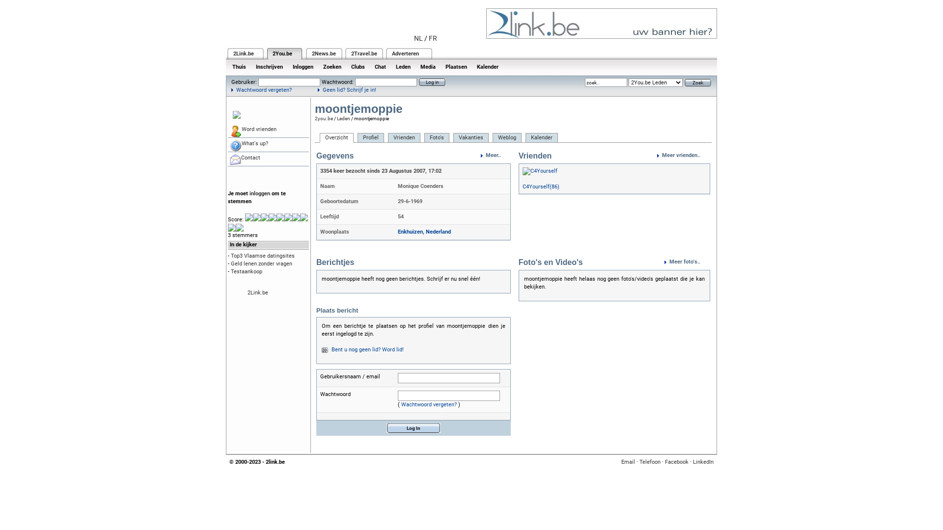 This screenshot has height=530, width=943. Describe the element at coordinates (418, 37) in the screenshot. I see `'NL'` at that location.